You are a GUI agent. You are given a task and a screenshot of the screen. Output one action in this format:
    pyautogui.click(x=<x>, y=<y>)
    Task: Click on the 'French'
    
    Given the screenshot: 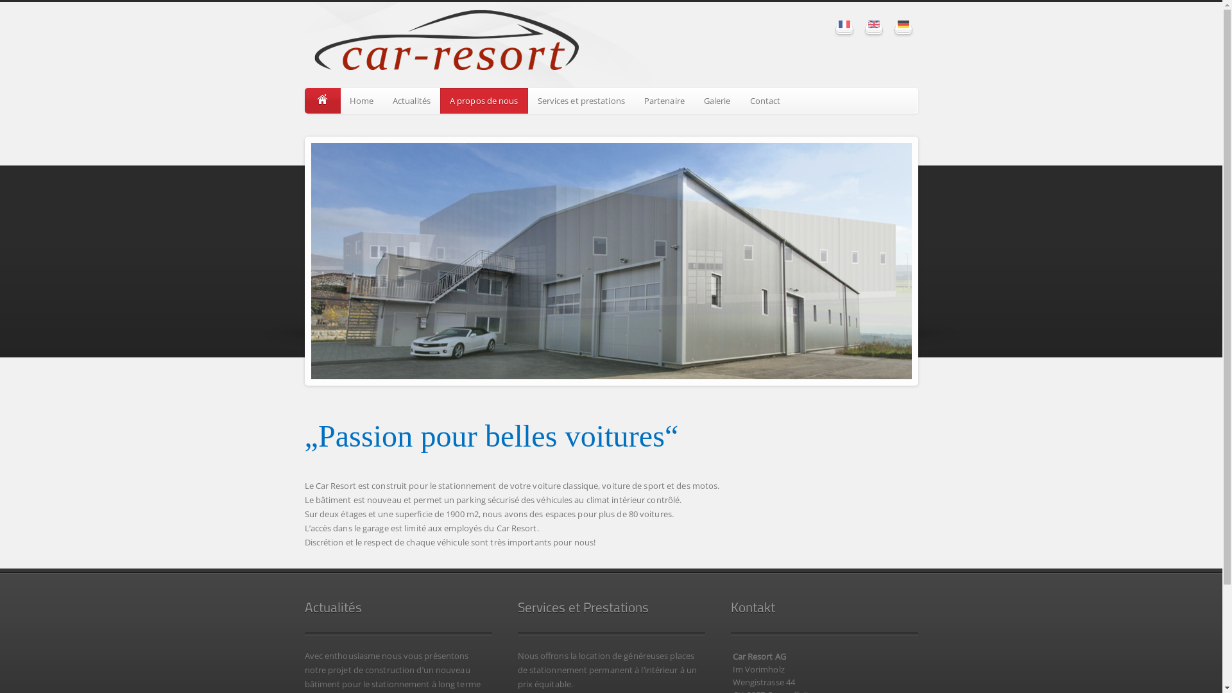 What is the action you would take?
    pyautogui.click(x=837, y=24)
    